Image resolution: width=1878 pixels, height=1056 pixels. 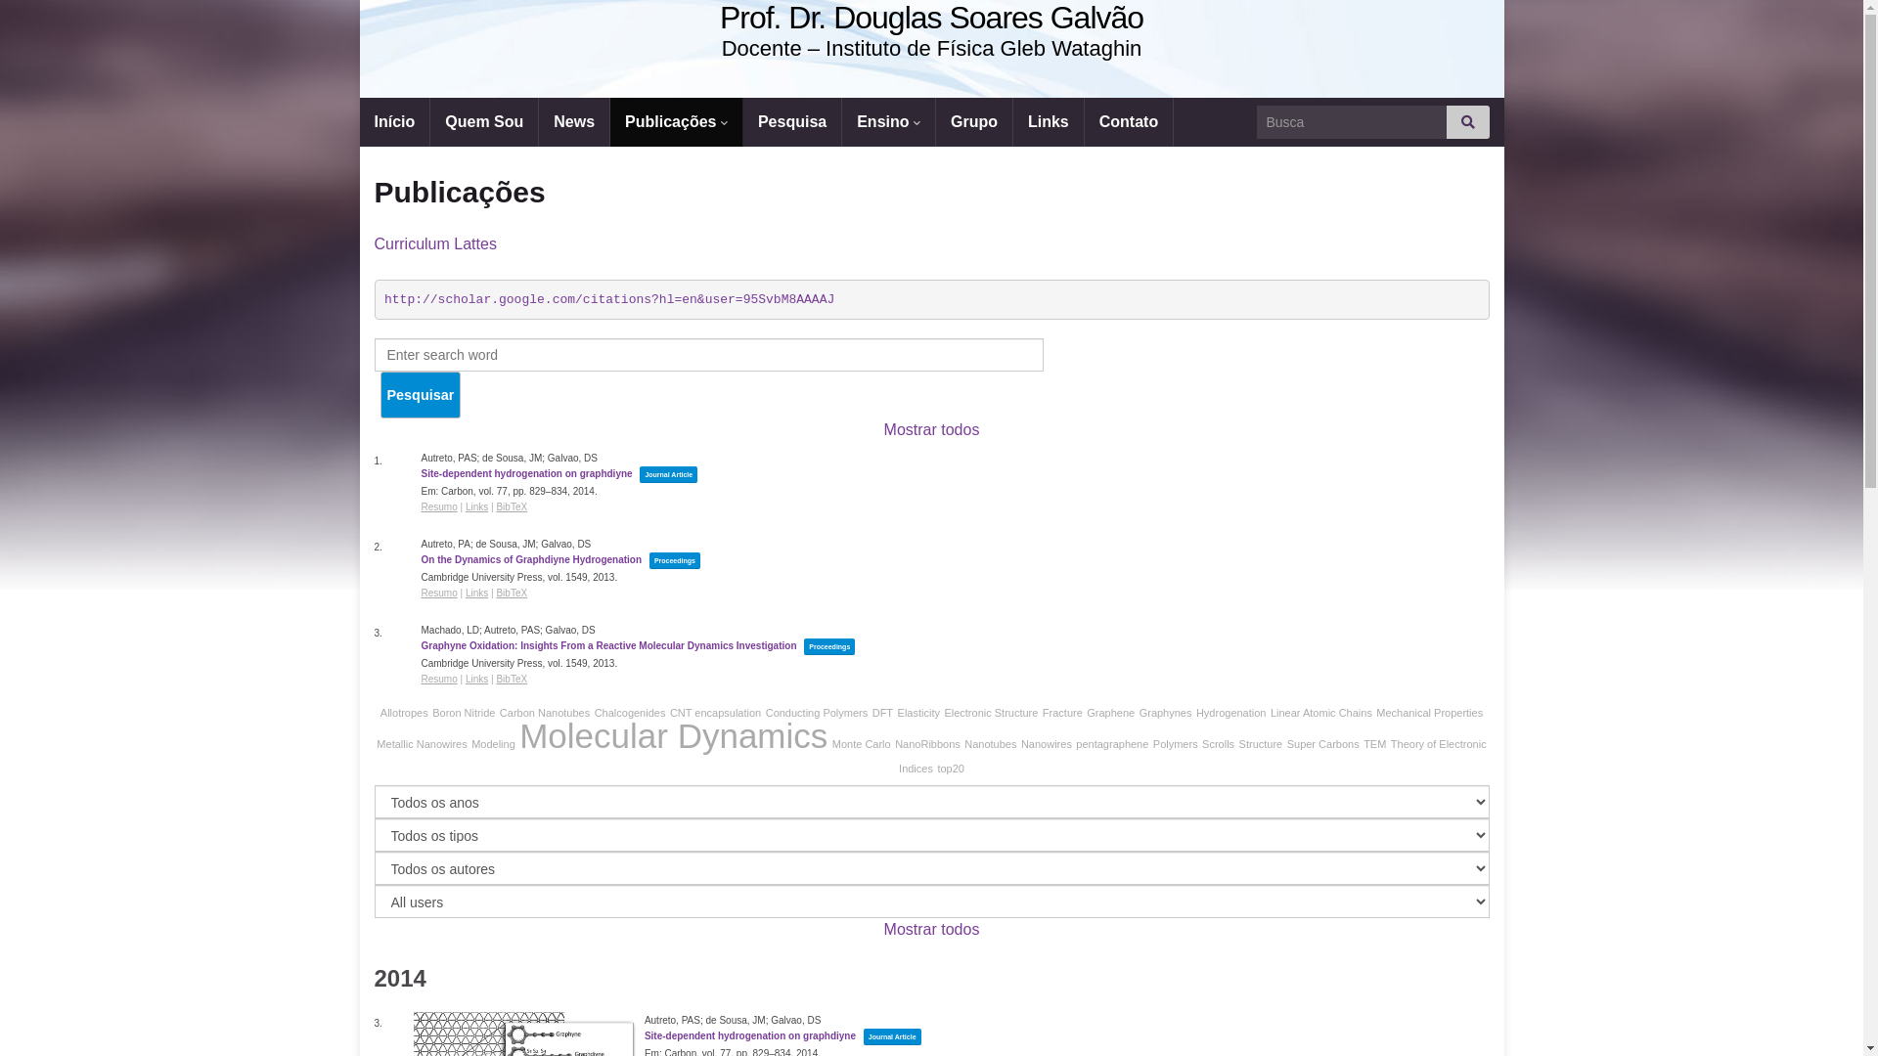 I want to click on 'Allotropes', so click(x=403, y=713).